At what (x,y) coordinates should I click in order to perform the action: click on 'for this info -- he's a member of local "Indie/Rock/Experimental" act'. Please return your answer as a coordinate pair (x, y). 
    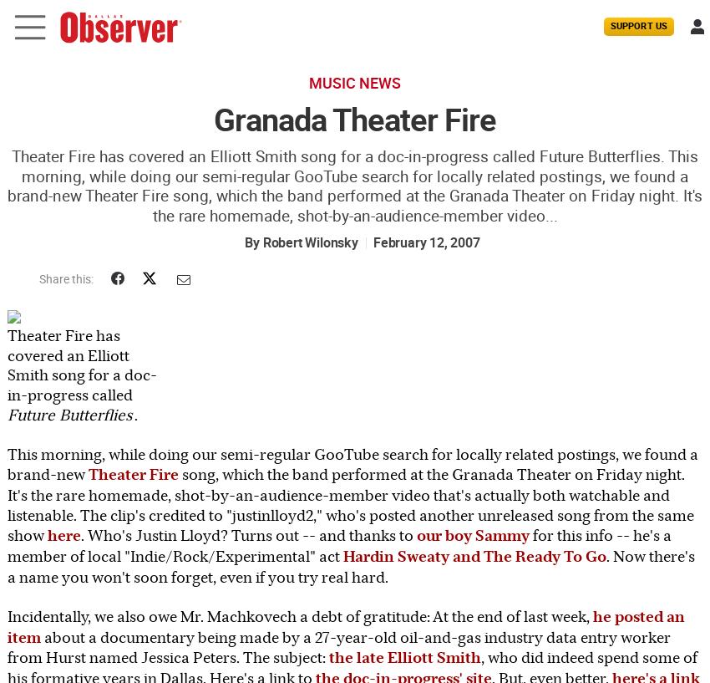
    Looking at the image, I should click on (339, 544).